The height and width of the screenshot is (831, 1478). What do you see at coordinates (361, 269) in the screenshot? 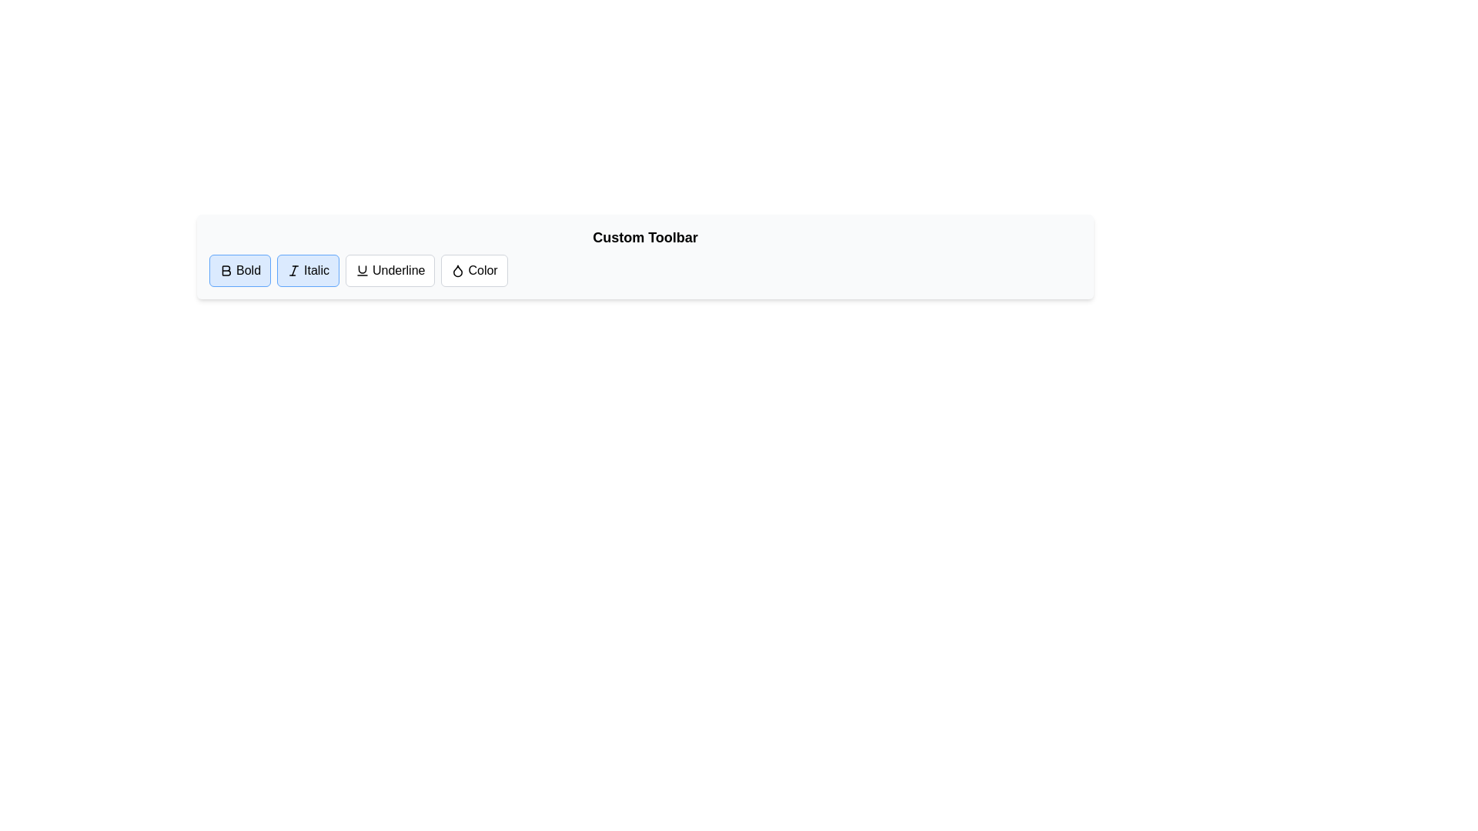
I see `the upper curve of the 'Underline' icon, which is the third button from the left in the 'Custom Toolbar'` at bounding box center [361, 269].